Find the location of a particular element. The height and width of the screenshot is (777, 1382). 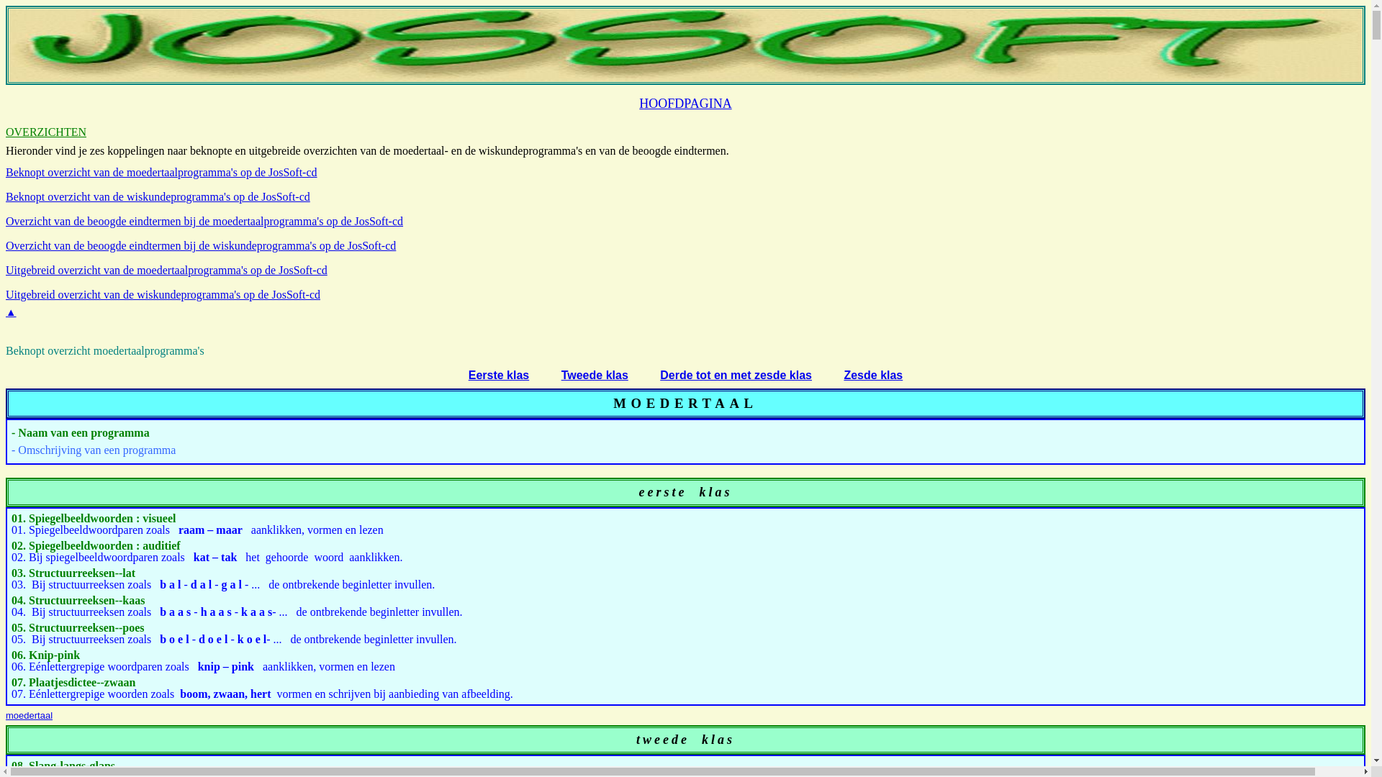

'Eerste klas' is located at coordinates (469, 374).